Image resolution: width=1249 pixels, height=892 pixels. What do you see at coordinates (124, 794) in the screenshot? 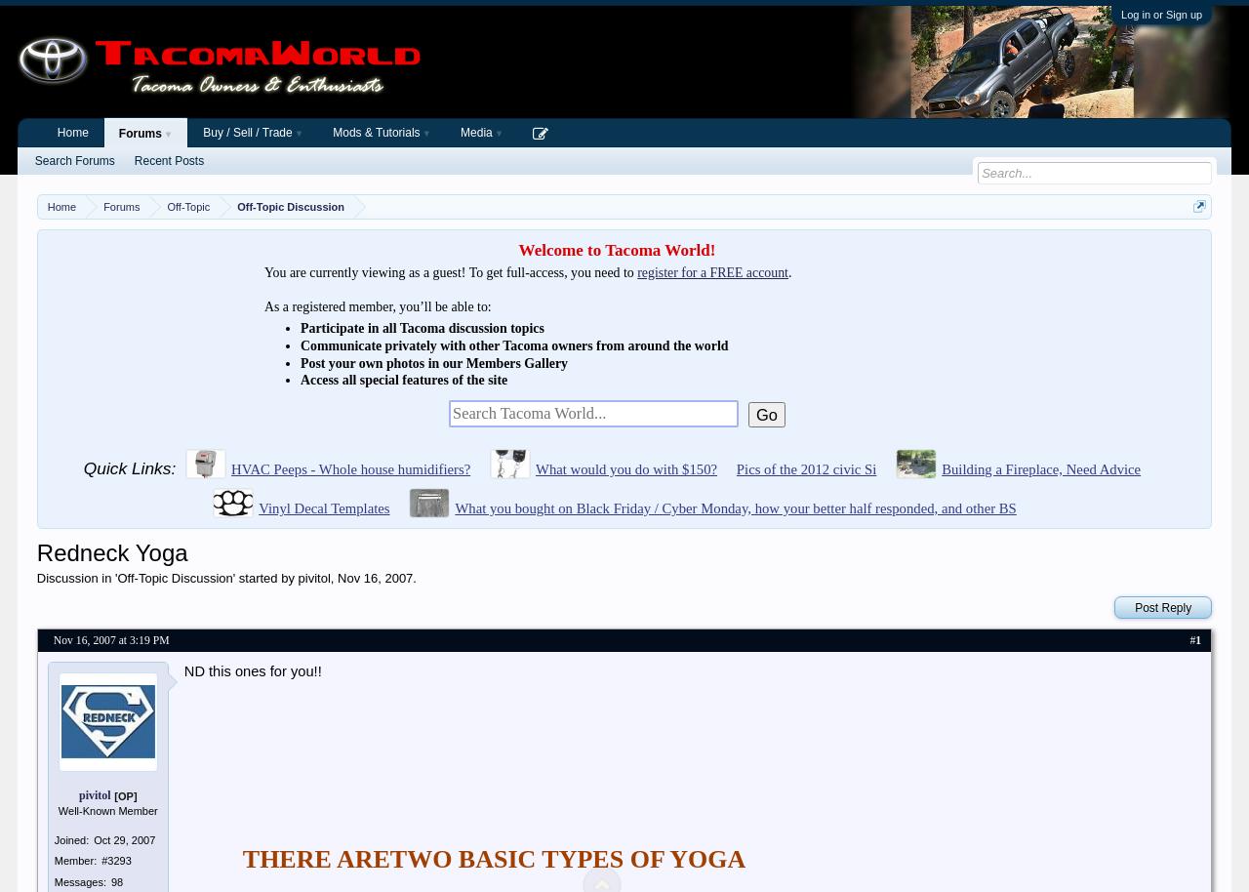
I see `'[OP]'` at bounding box center [124, 794].